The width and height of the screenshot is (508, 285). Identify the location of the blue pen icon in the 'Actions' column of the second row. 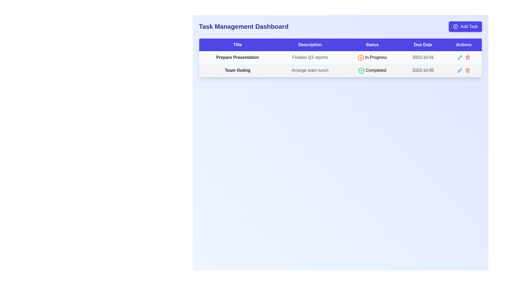
(459, 58).